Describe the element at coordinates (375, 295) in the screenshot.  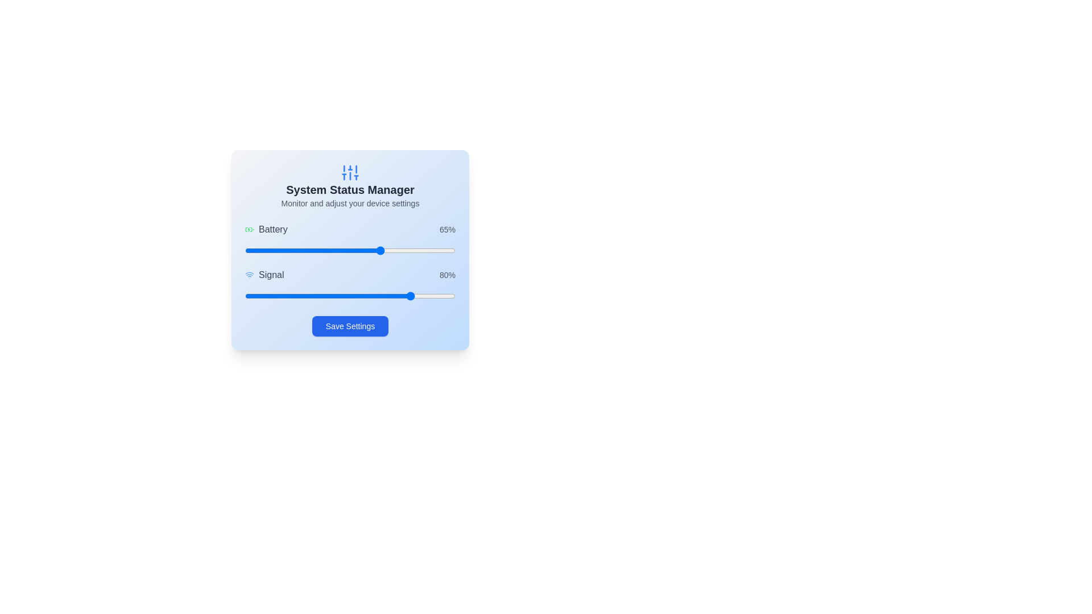
I see `the signal strength slider to 62%` at that location.